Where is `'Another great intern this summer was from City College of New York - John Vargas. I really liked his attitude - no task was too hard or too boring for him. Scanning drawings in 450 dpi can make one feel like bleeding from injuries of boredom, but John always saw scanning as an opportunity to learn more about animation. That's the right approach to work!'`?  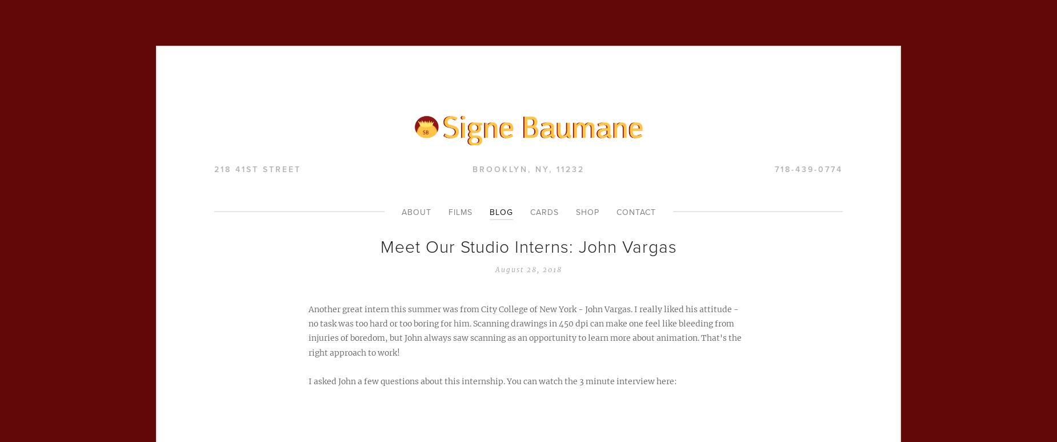 'Another great intern this summer was from City College of New York - John Vargas. I really liked his attitude - no task was too hard or too boring for him. Scanning drawings in 450 dpi can make one feel like bleeding from injuries of boredom, but John always saw scanning as an opportunity to learn more about animation. That's the right approach to work!' is located at coordinates (525, 330).